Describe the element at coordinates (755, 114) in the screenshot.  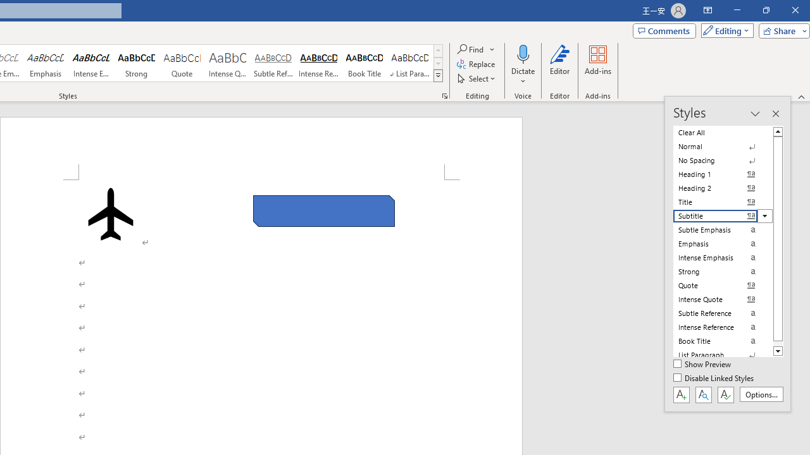
I see `'Task Pane Options'` at that location.